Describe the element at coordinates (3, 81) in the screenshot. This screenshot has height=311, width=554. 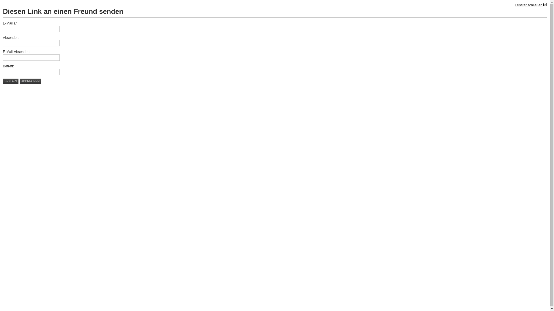
I see `'SENDEN'` at that location.